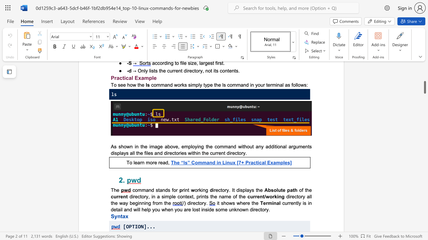 This screenshot has height=240, width=428. Describe the element at coordinates (226, 203) in the screenshot. I see `the subset text "ows wh" within the text "it shows where the"` at that location.